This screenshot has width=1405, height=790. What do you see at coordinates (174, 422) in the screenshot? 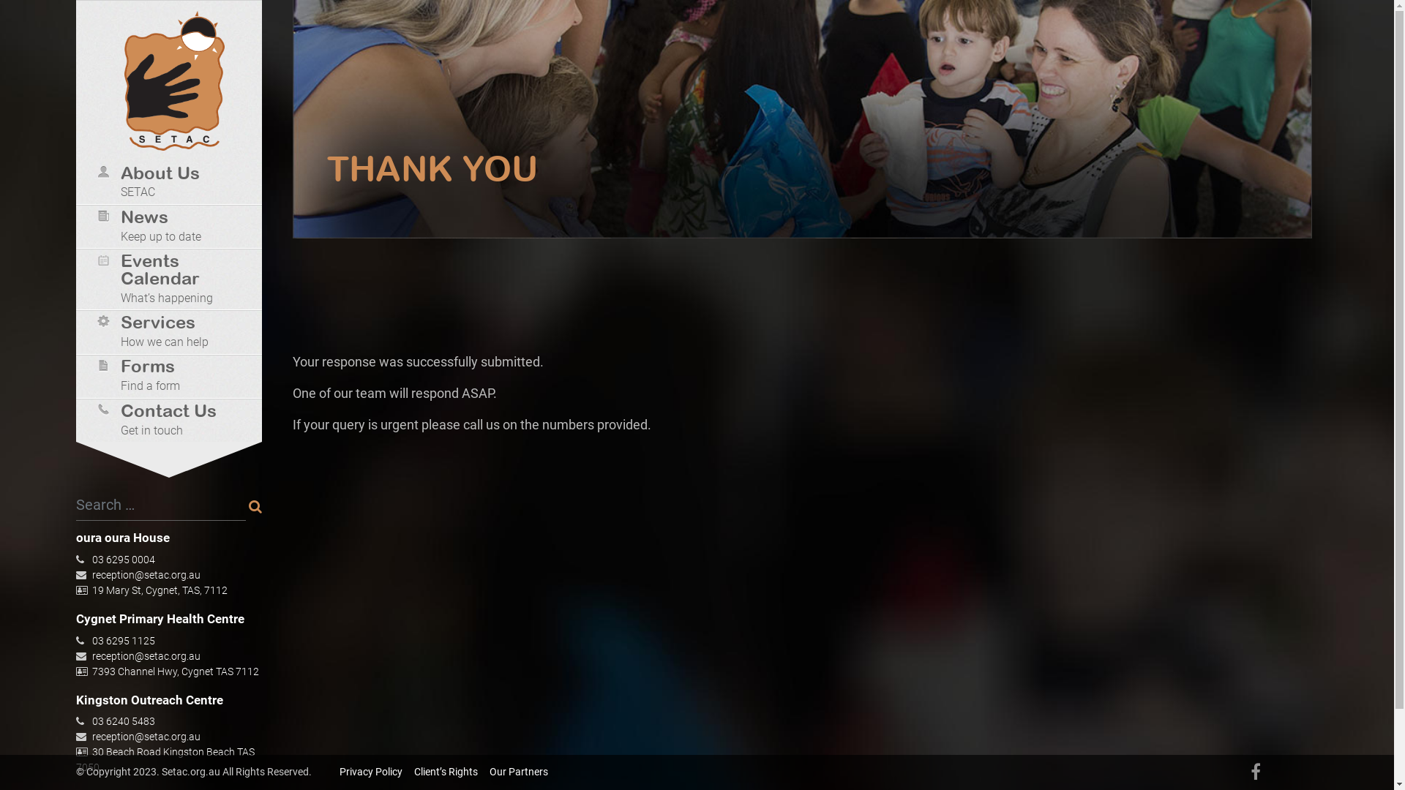
I see `'Contact Us` at bounding box center [174, 422].